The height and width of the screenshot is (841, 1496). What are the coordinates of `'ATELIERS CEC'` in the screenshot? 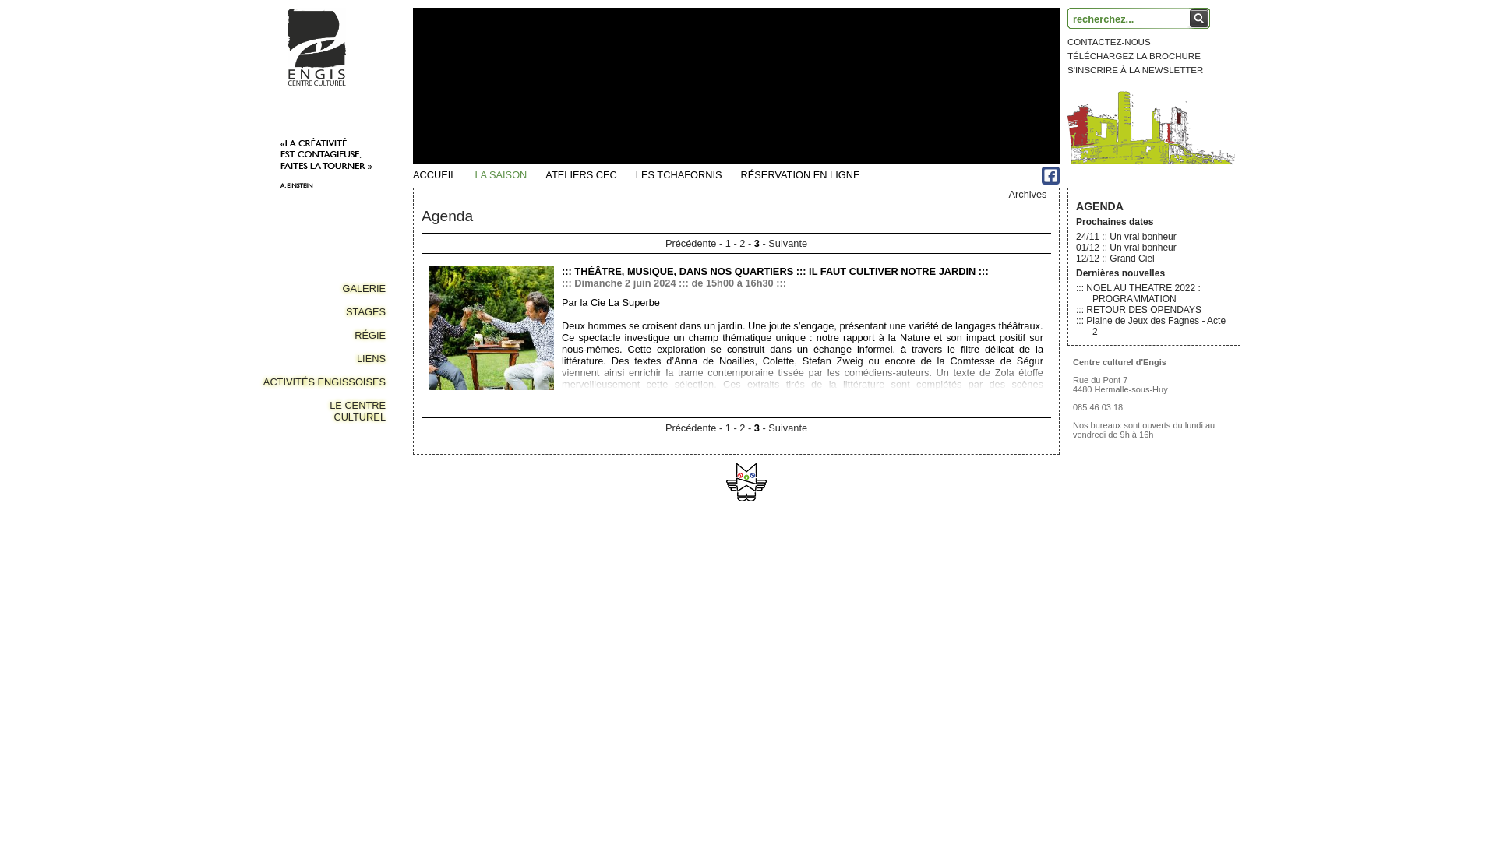 It's located at (590, 175).